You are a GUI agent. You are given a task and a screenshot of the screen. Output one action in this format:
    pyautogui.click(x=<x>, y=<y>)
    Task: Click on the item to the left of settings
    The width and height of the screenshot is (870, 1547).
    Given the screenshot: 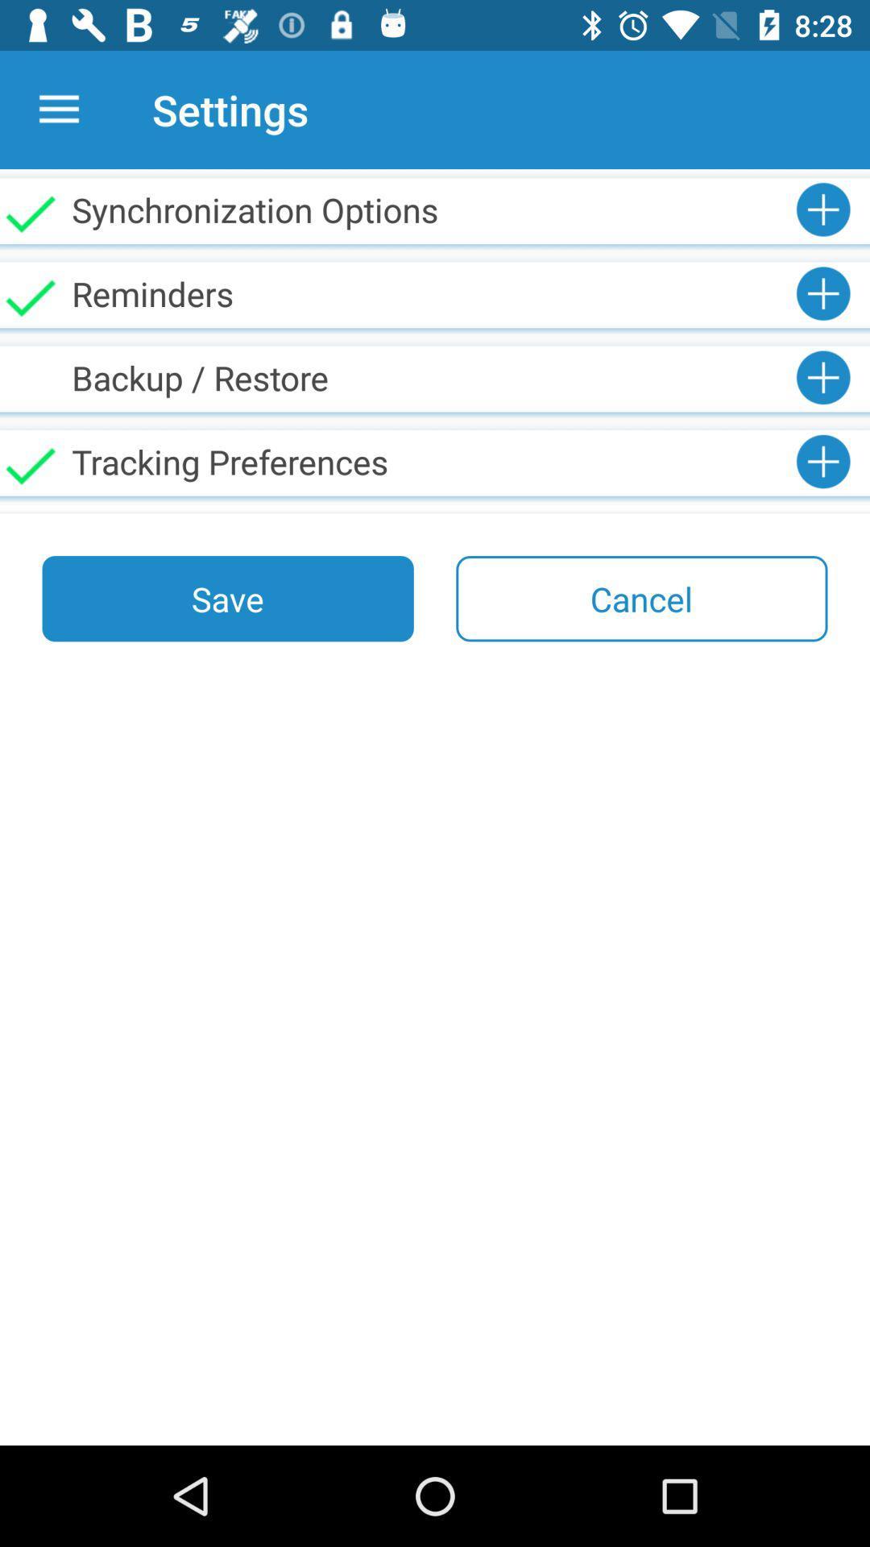 What is the action you would take?
    pyautogui.click(x=58, y=109)
    